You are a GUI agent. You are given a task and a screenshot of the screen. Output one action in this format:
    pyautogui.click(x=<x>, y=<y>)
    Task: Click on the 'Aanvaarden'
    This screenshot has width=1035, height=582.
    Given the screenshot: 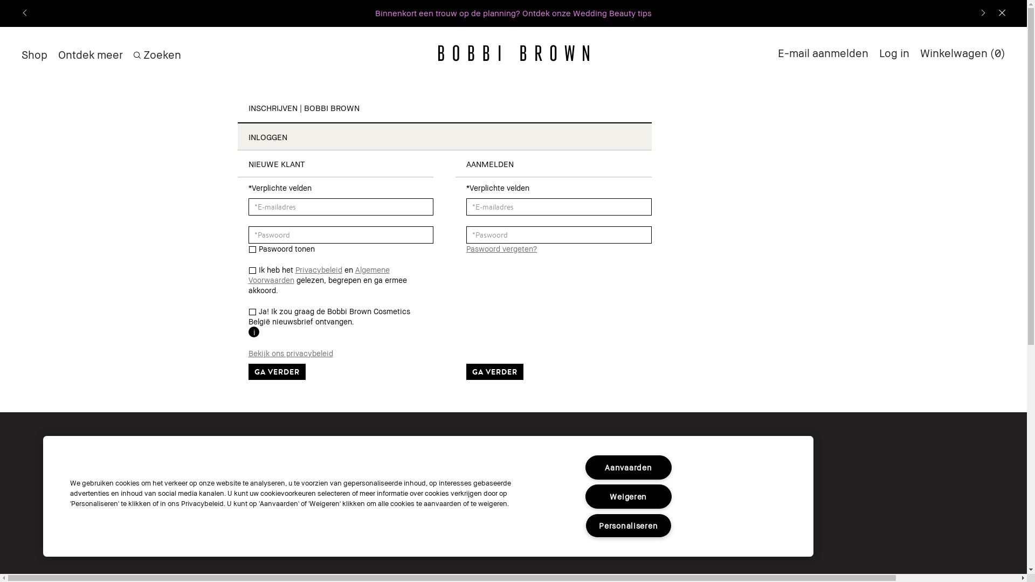 What is the action you would take?
    pyautogui.click(x=584, y=467)
    